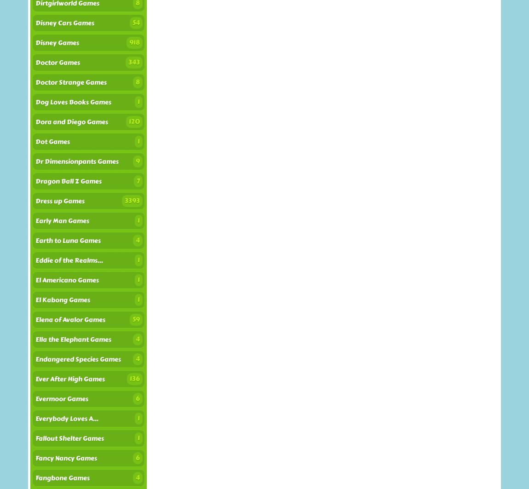  I want to click on 'Evermoor Games', so click(61, 398).